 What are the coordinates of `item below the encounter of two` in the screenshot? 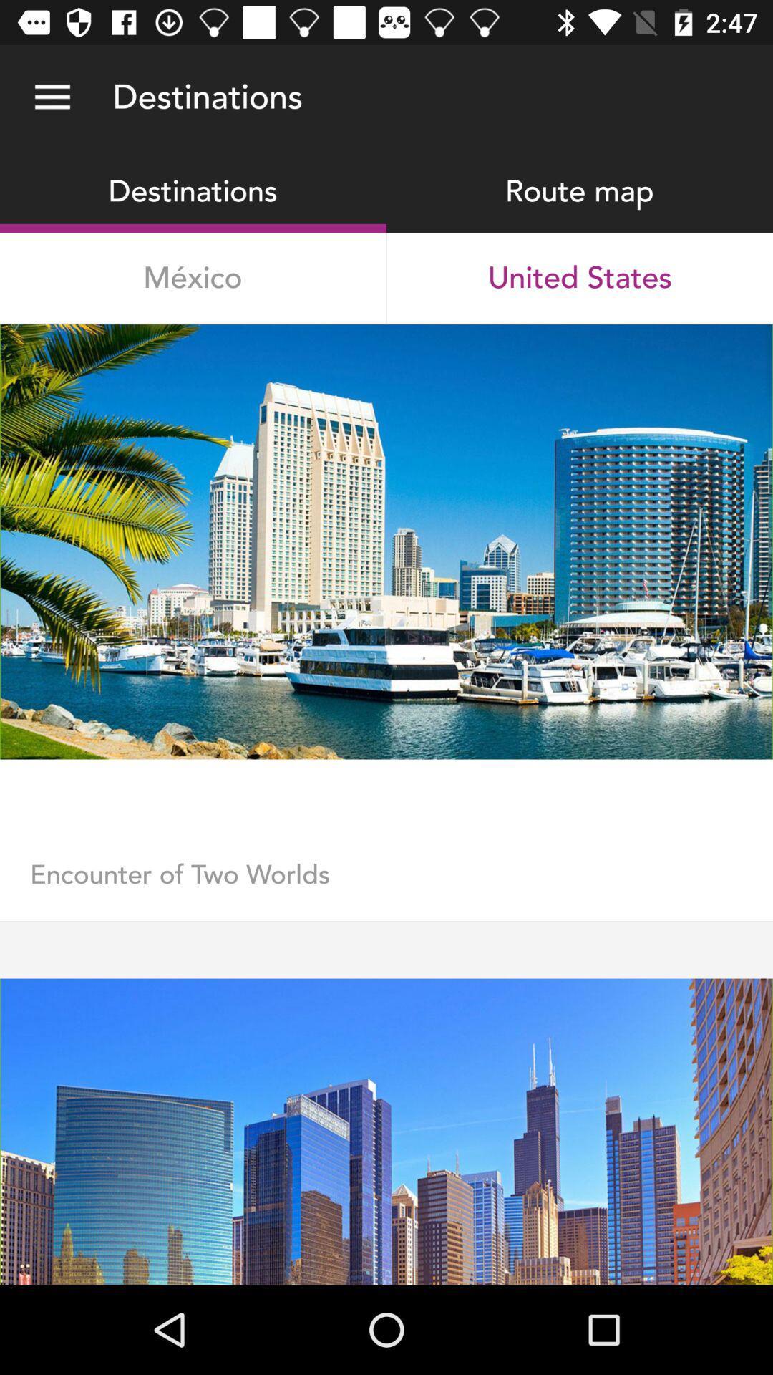 It's located at (386, 921).